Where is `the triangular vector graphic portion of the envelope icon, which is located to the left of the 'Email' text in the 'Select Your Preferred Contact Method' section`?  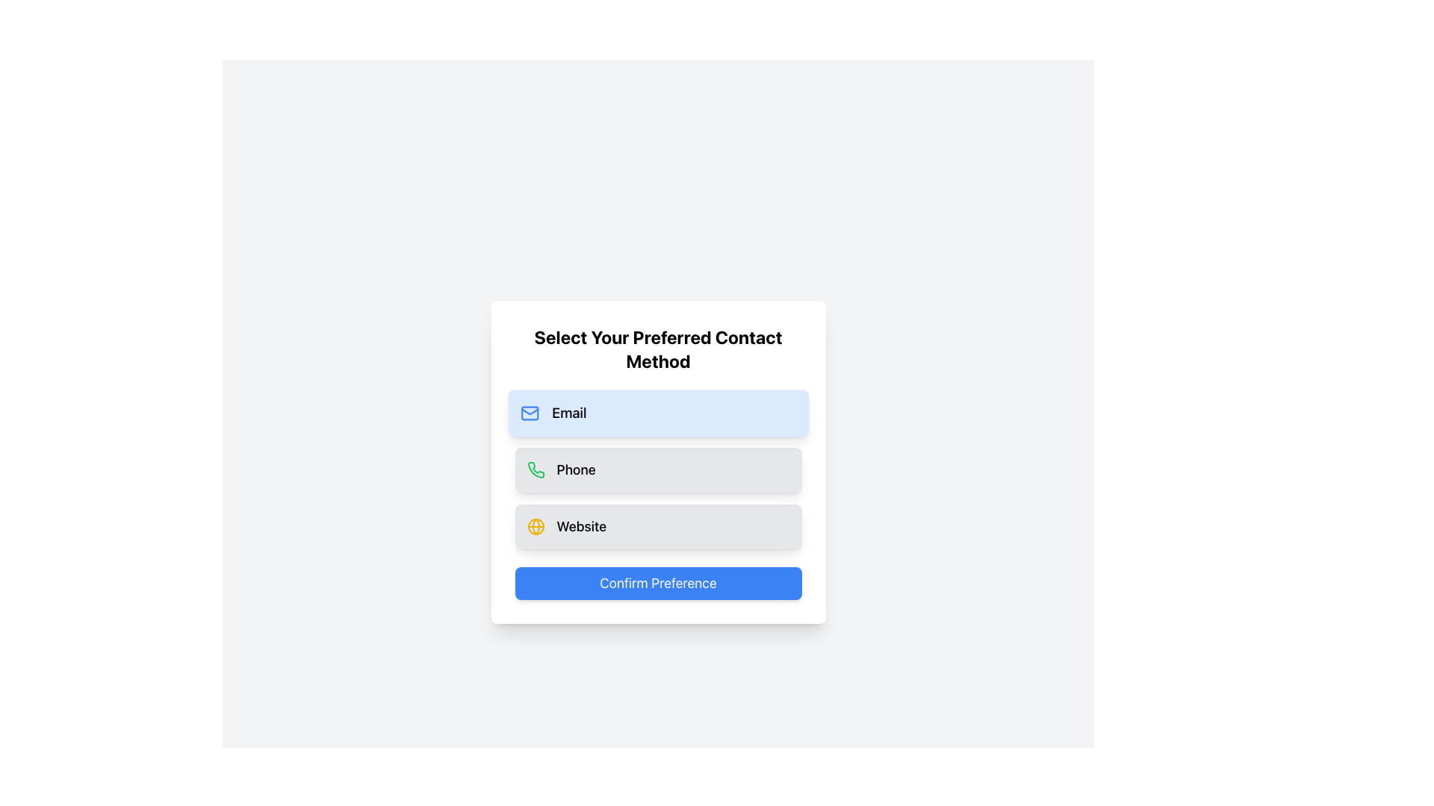
the triangular vector graphic portion of the envelope icon, which is located to the left of the 'Email' text in the 'Select Your Preferred Contact Method' section is located at coordinates (530, 411).